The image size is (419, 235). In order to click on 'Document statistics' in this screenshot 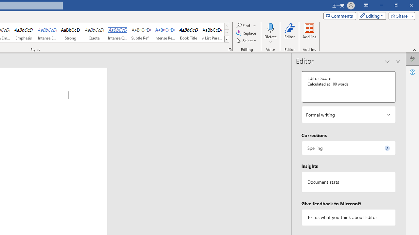, I will do `click(348, 182)`.